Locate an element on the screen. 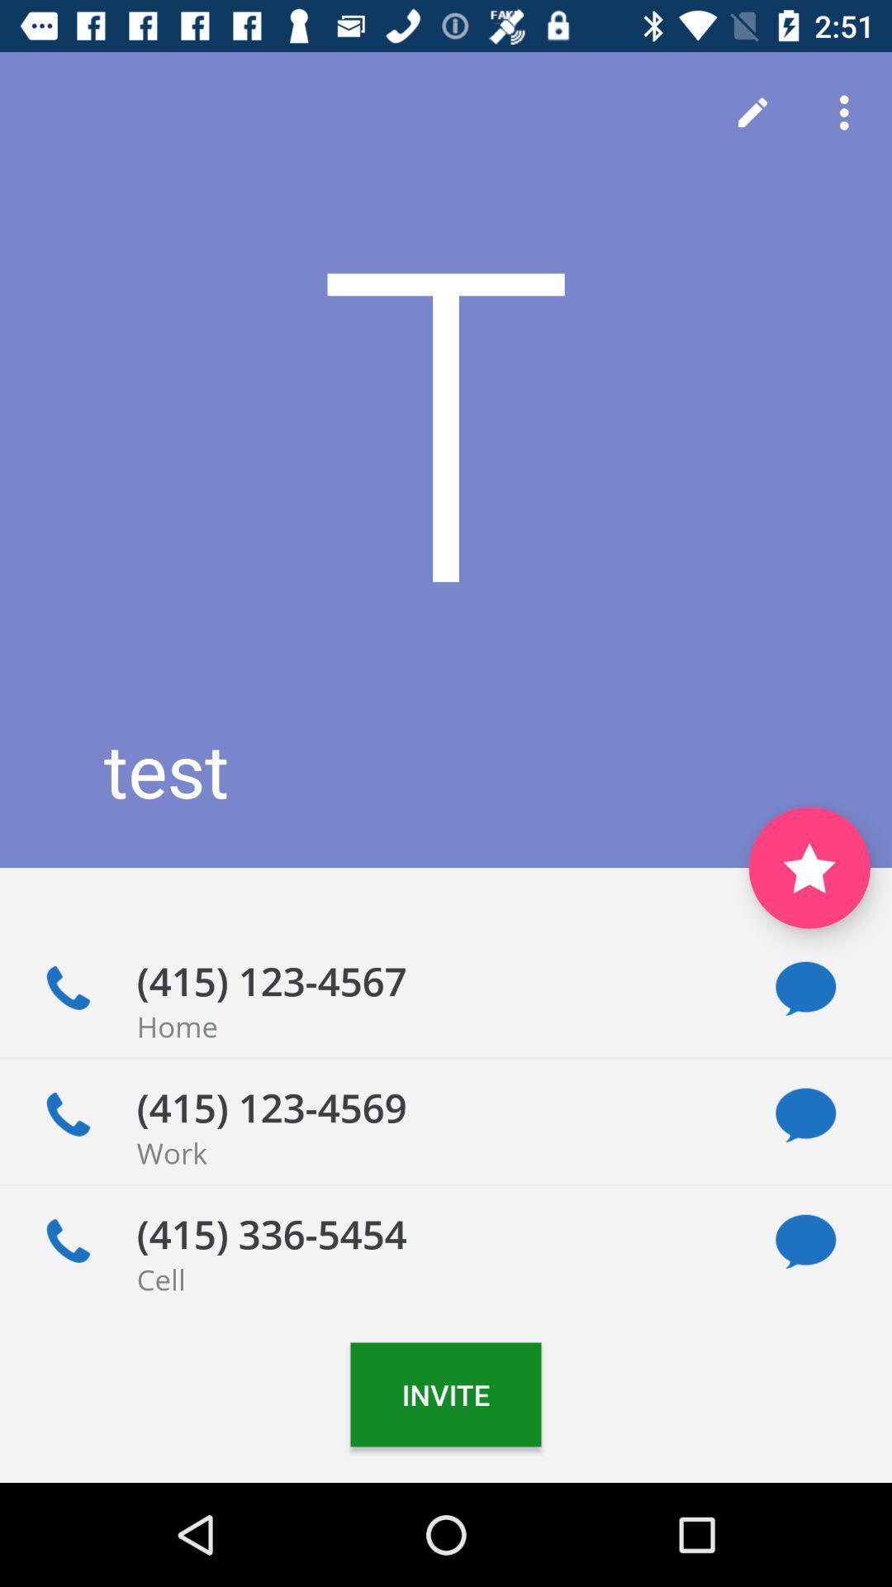 The width and height of the screenshot is (892, 1587). message option is located at coordinates (804, 1115).